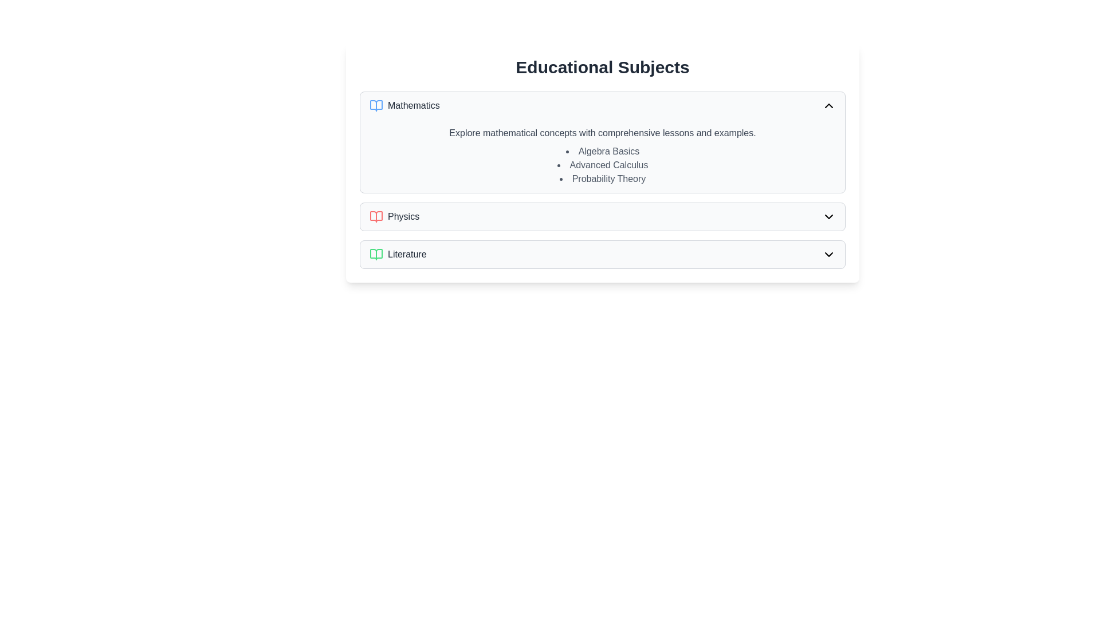 The width and height of the screenshot is (1100, 618). What do you see at coordinates (602, 132) in the screenshot?
I see `the first textual description in the 'Mathematics' section that reads 'Explore mathematical concepts with comprehensive lessons and examples.'` at bounding box center [602, 132].